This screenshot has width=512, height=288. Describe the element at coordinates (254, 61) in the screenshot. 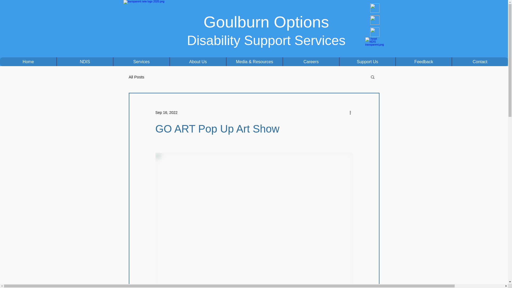

I see `'Media & Resources'` at that location.